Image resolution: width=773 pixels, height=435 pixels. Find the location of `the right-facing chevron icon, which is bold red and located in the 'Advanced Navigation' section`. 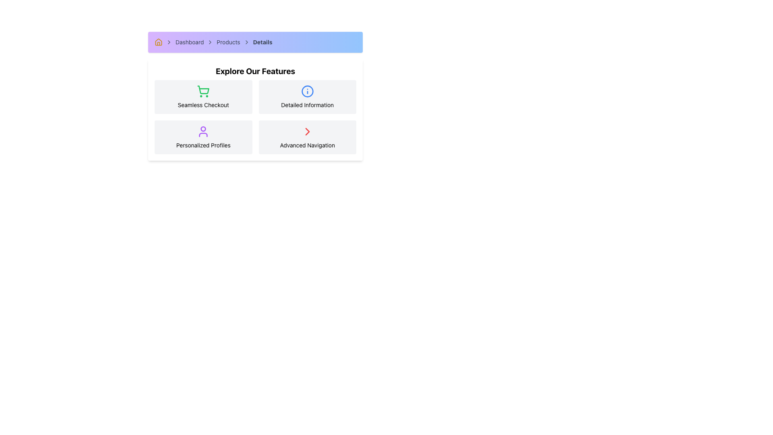

the right-facing chevron icon, which is bold red and located in the 'Advanced Navigation' section is located at coordinates (307, 131).